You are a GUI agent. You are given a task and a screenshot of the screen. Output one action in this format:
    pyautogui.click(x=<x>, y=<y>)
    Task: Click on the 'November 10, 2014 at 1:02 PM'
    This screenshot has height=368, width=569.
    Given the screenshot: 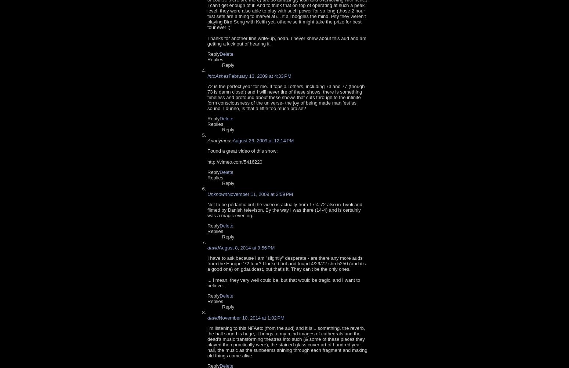 What is the action you would take?
    pyautogui.click(x=251, y=317)
    